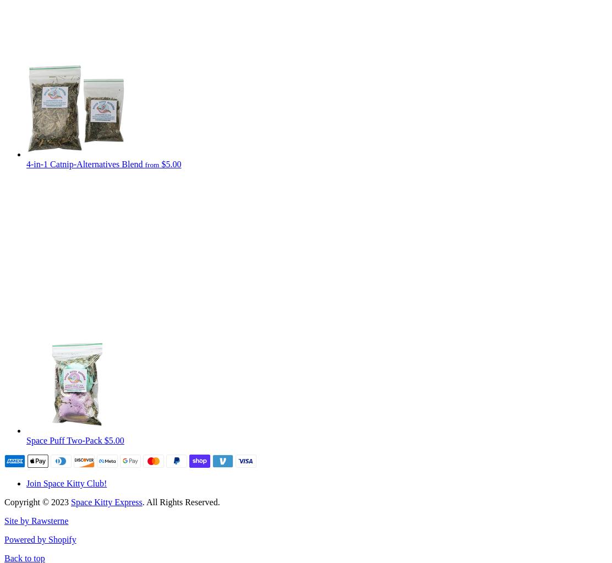 The width and height of the screenshot is (612, 563). What do you see at coordinates (37, 501) in the screenshot?
I see `'Copyright © 2023'` at bounding box center [37, 501].